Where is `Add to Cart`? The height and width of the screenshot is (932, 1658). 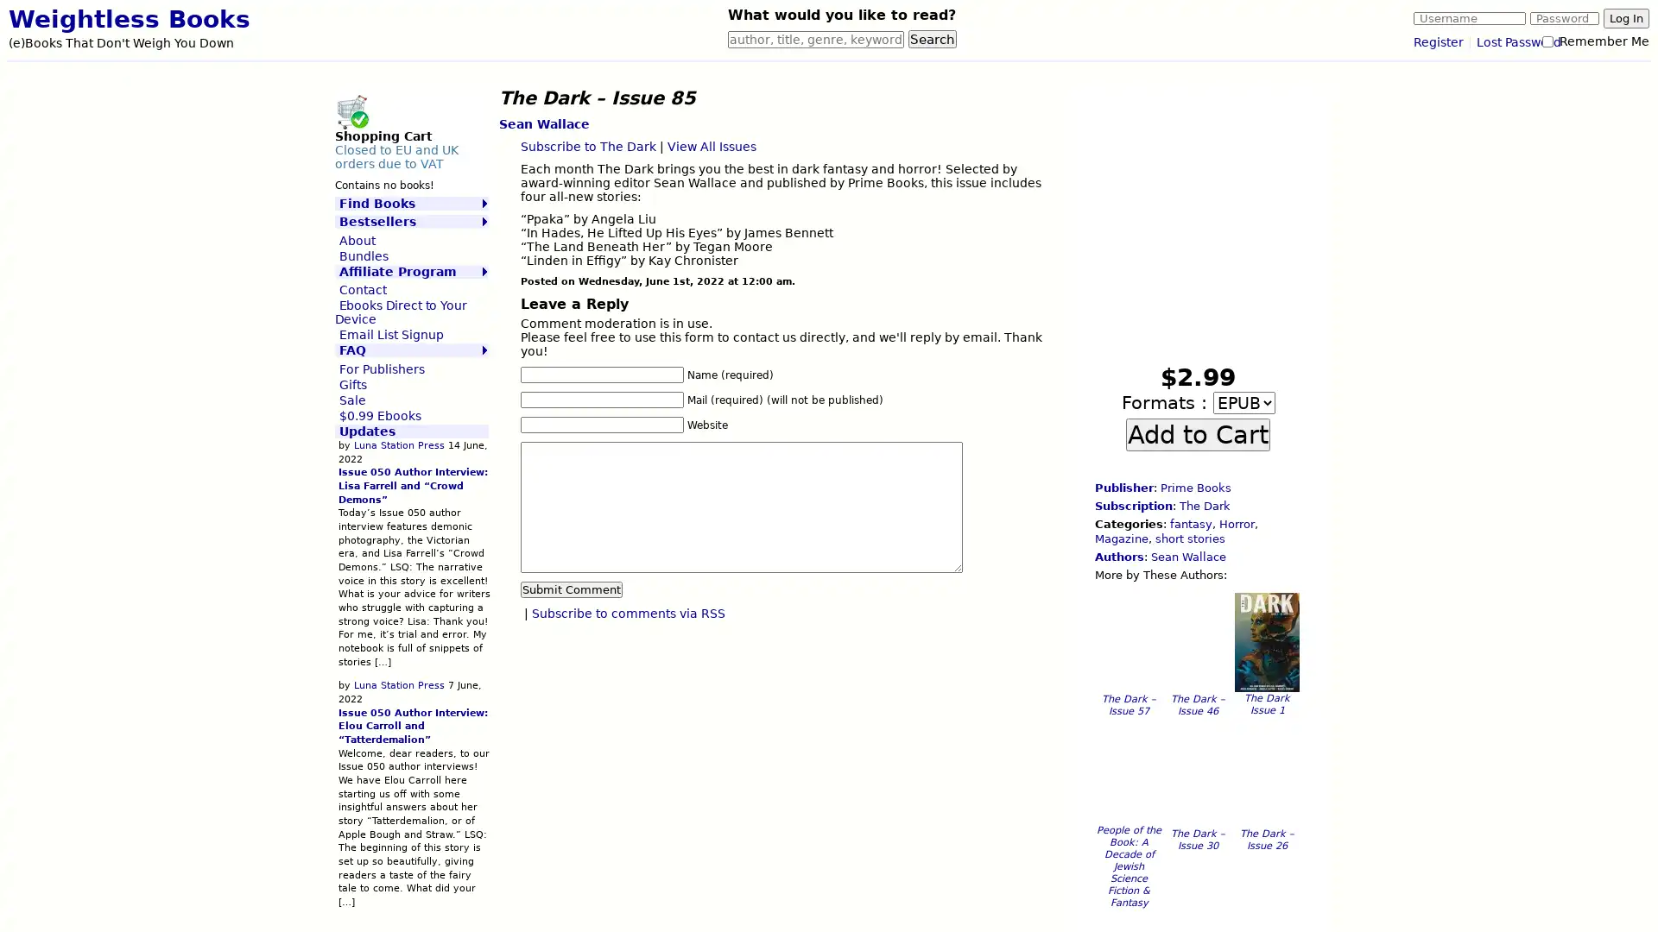
Add to Cart is located at coordinates (1197, 432).